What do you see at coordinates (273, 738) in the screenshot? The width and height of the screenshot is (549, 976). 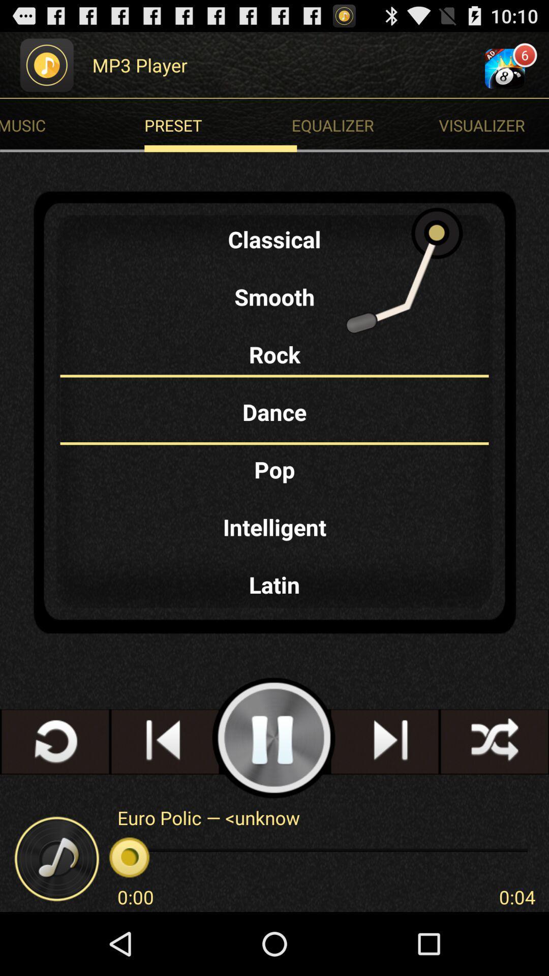 I see `pause` at bounding box center [273, 738].